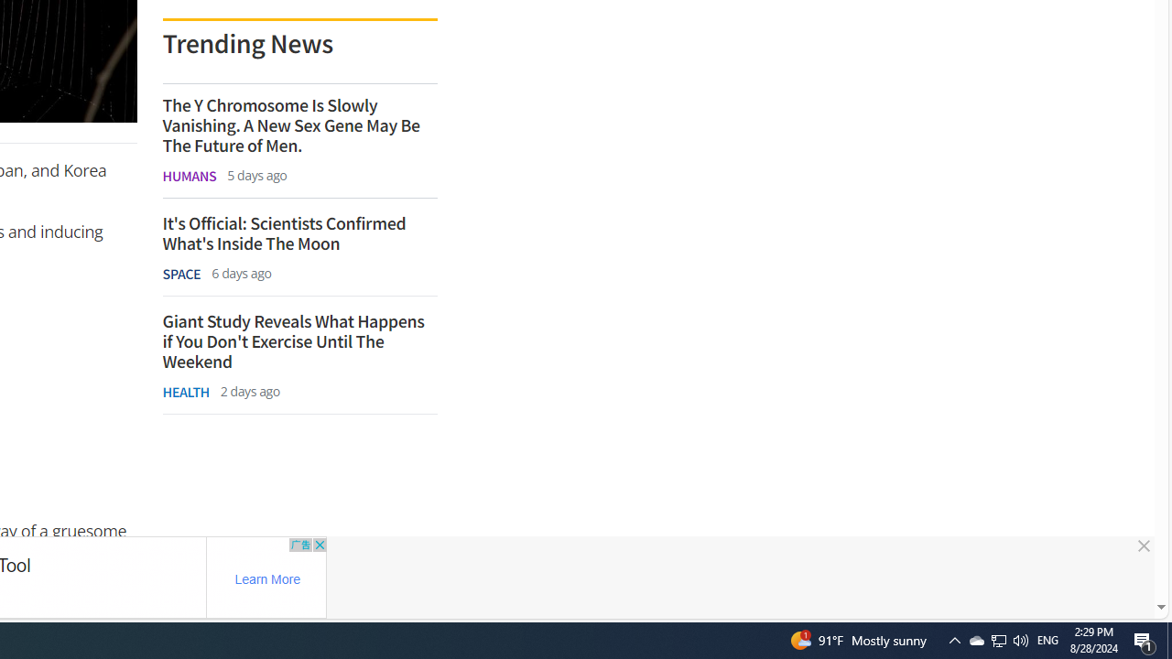 This screenshot has height=659, width=1172. Describe the element at coordinates (299, 232) in the screenshot. I see `'It'` at that location.